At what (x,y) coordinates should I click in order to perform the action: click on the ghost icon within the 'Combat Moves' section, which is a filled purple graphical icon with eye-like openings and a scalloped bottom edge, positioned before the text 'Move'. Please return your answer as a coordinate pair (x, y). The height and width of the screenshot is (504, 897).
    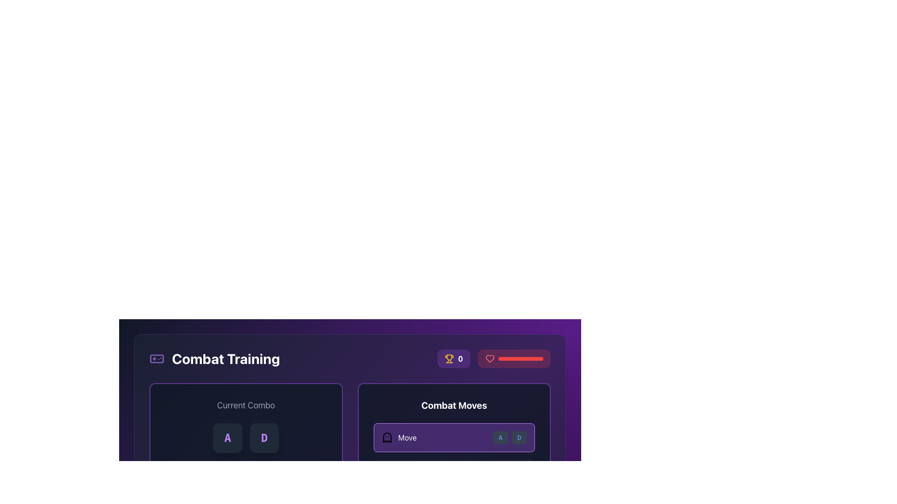
    Looking at the image, I should click on (387, 437).